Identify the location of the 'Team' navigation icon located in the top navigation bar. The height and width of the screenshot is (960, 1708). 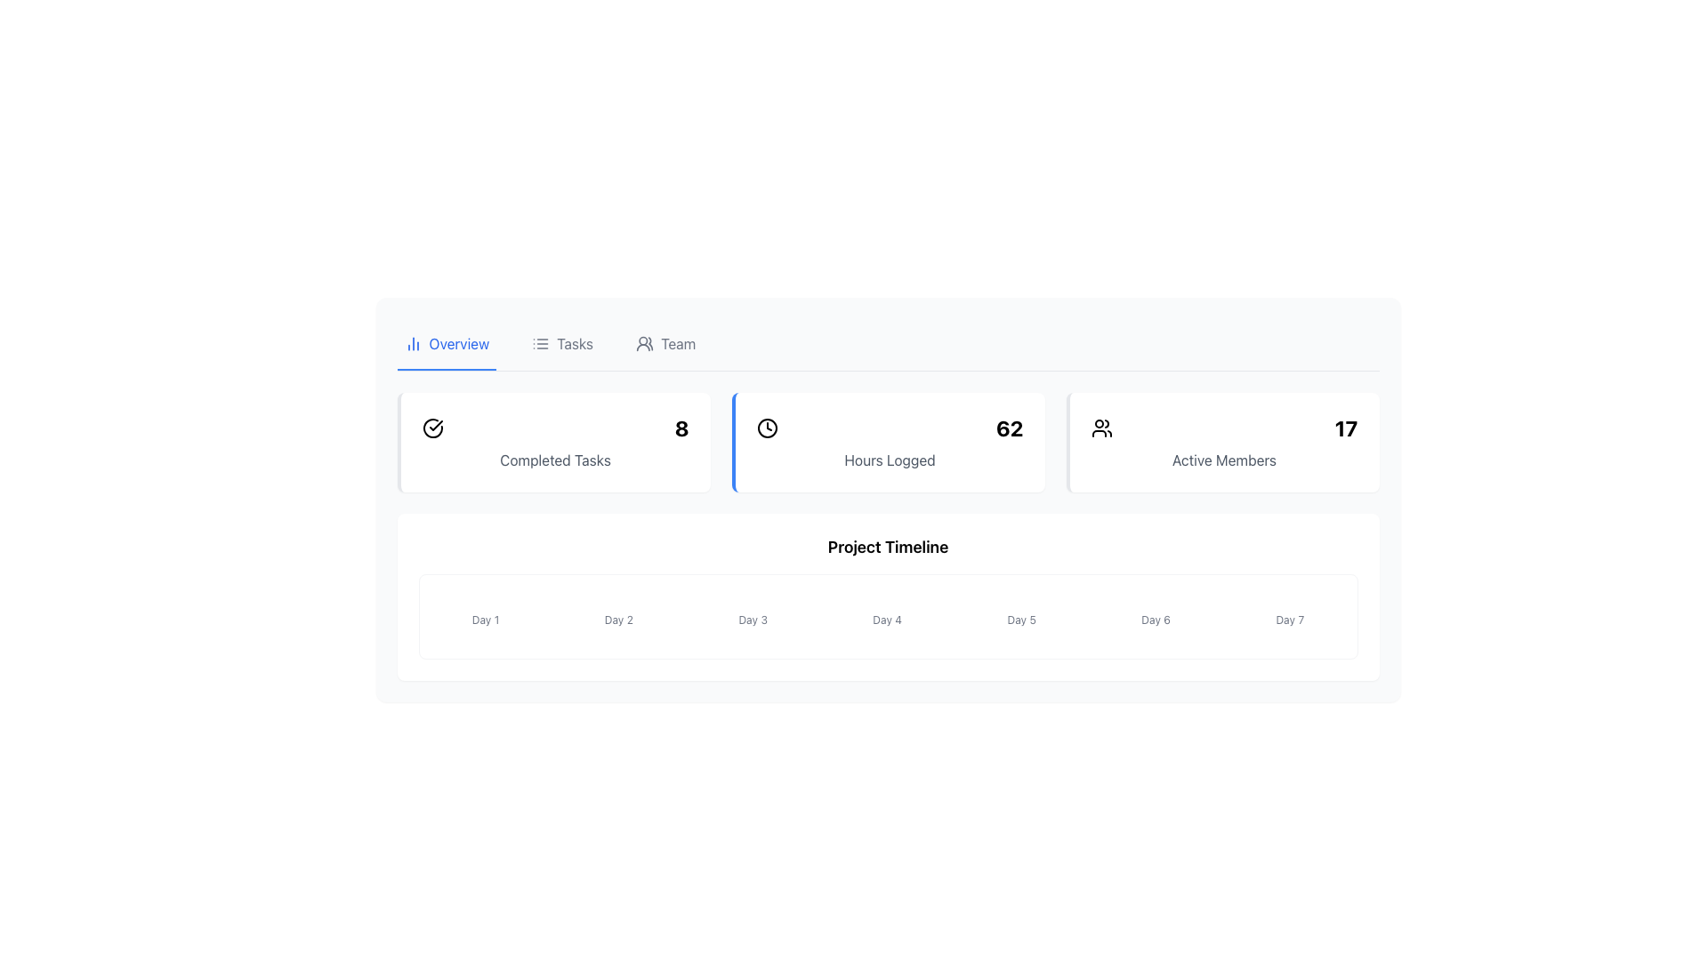
(643, 343).